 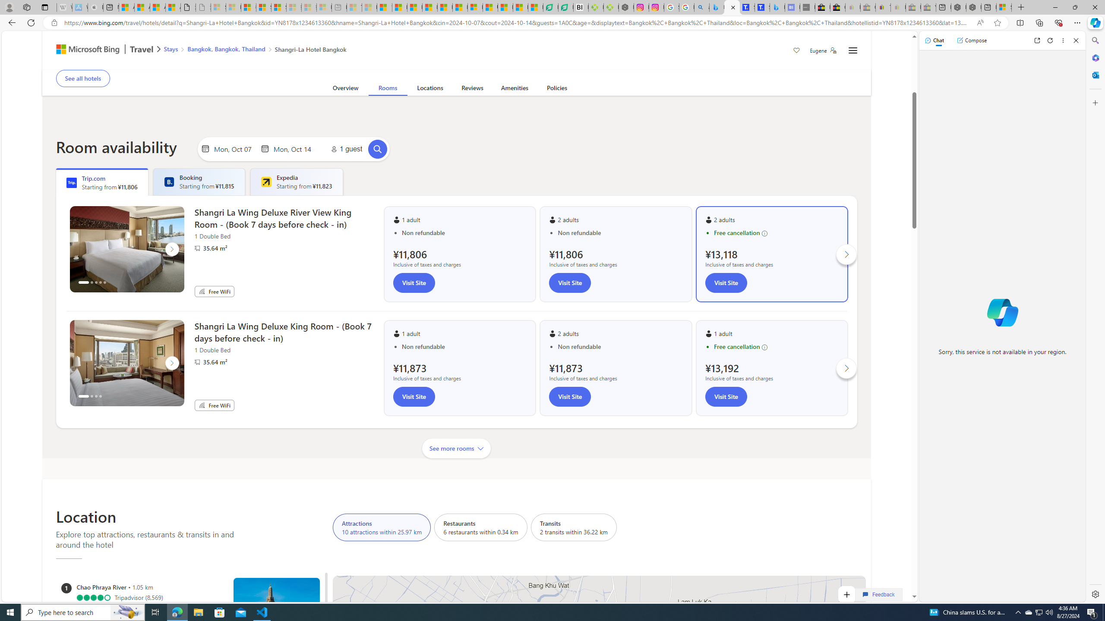 What do you see at coordinates (883, 7) in the screenshot?
I see `'Threats and offensive language policy | eBay'` at bounding box center [883, 7].